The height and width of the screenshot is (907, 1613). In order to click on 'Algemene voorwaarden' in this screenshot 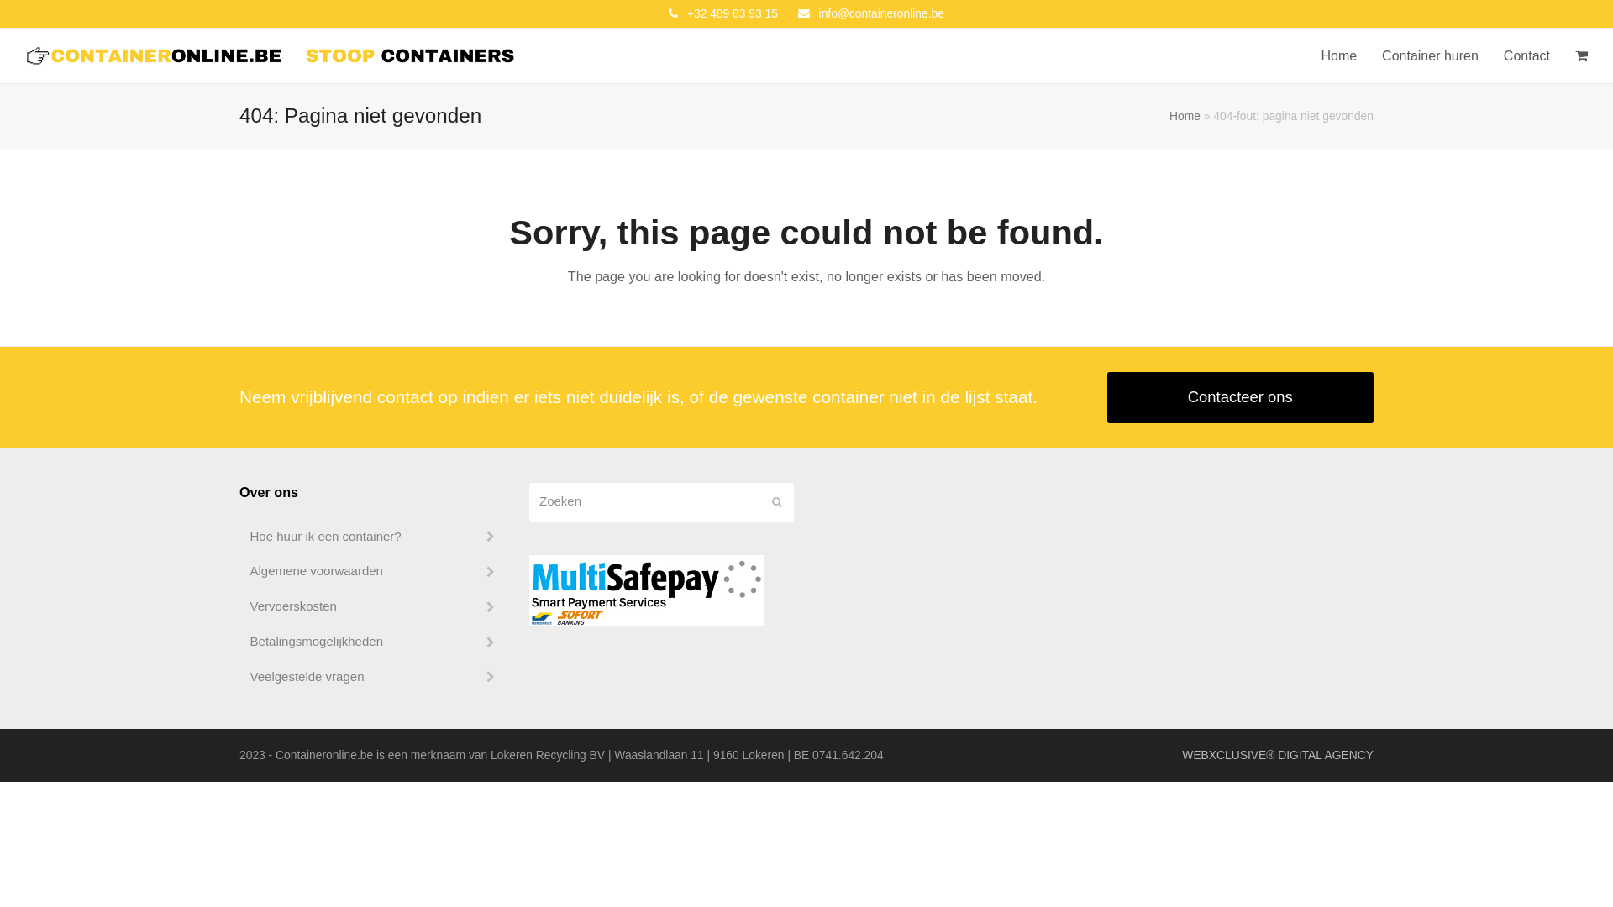, I will do `click(370, 570)`.